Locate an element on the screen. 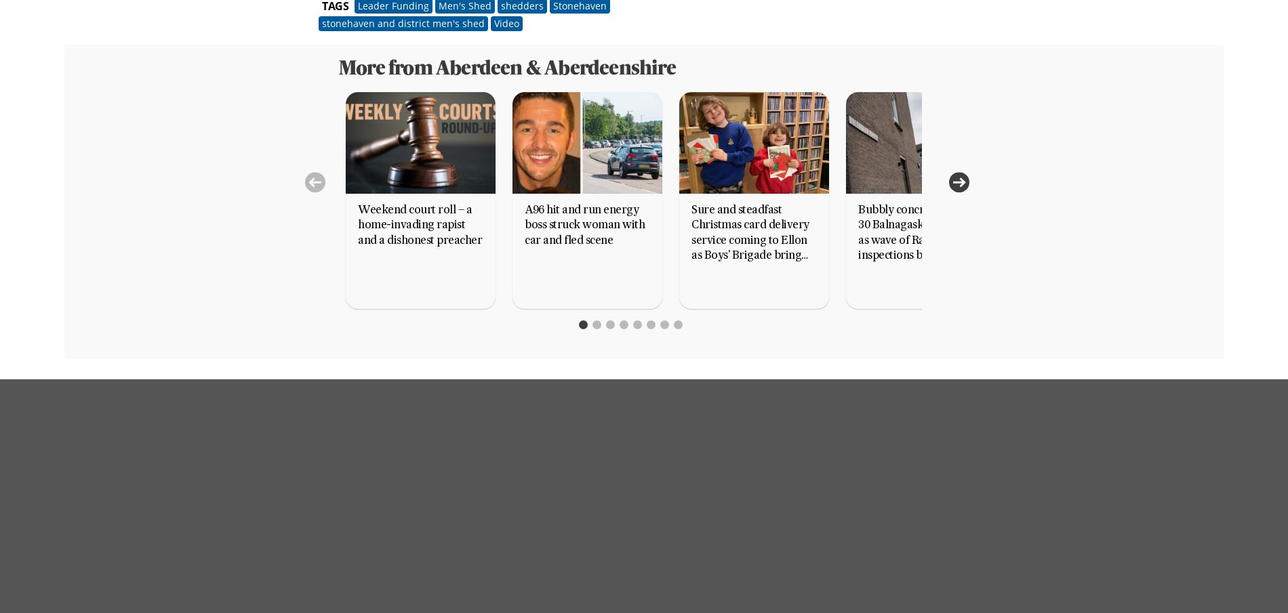 Image resolution: width=1288 pixels, height=613 pixels. 'Terms and Conditions for Subscriptions (excluding Home News Delivery Subscriptions)' is located at coordinates (576, 429).